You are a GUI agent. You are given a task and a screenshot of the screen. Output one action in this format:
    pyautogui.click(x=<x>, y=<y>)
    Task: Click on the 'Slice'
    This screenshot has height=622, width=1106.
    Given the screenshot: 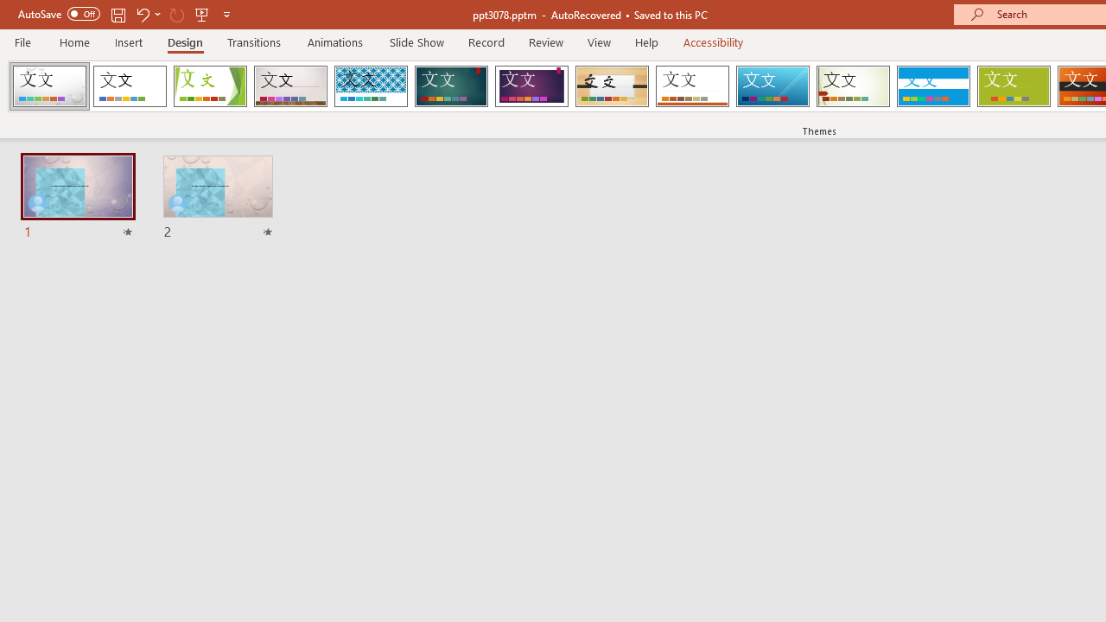 What is the action you would take?
    pyautogui.click(x=772, y=86)
    